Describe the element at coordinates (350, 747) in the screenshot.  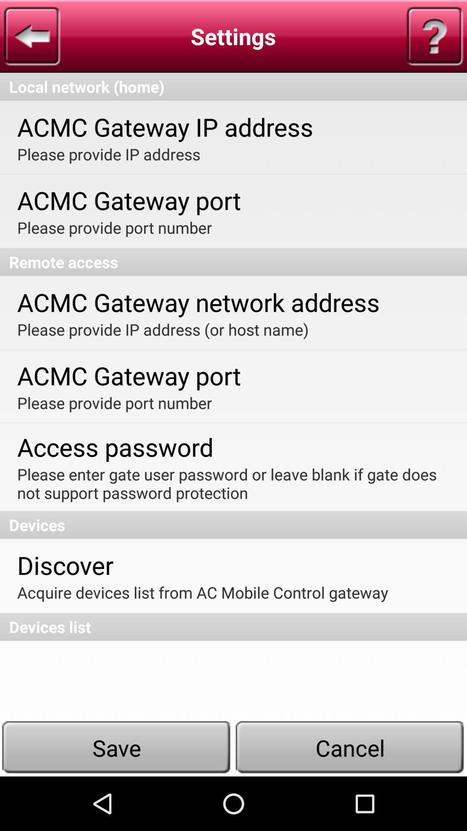
I see `the button which is next to the save` at that location.